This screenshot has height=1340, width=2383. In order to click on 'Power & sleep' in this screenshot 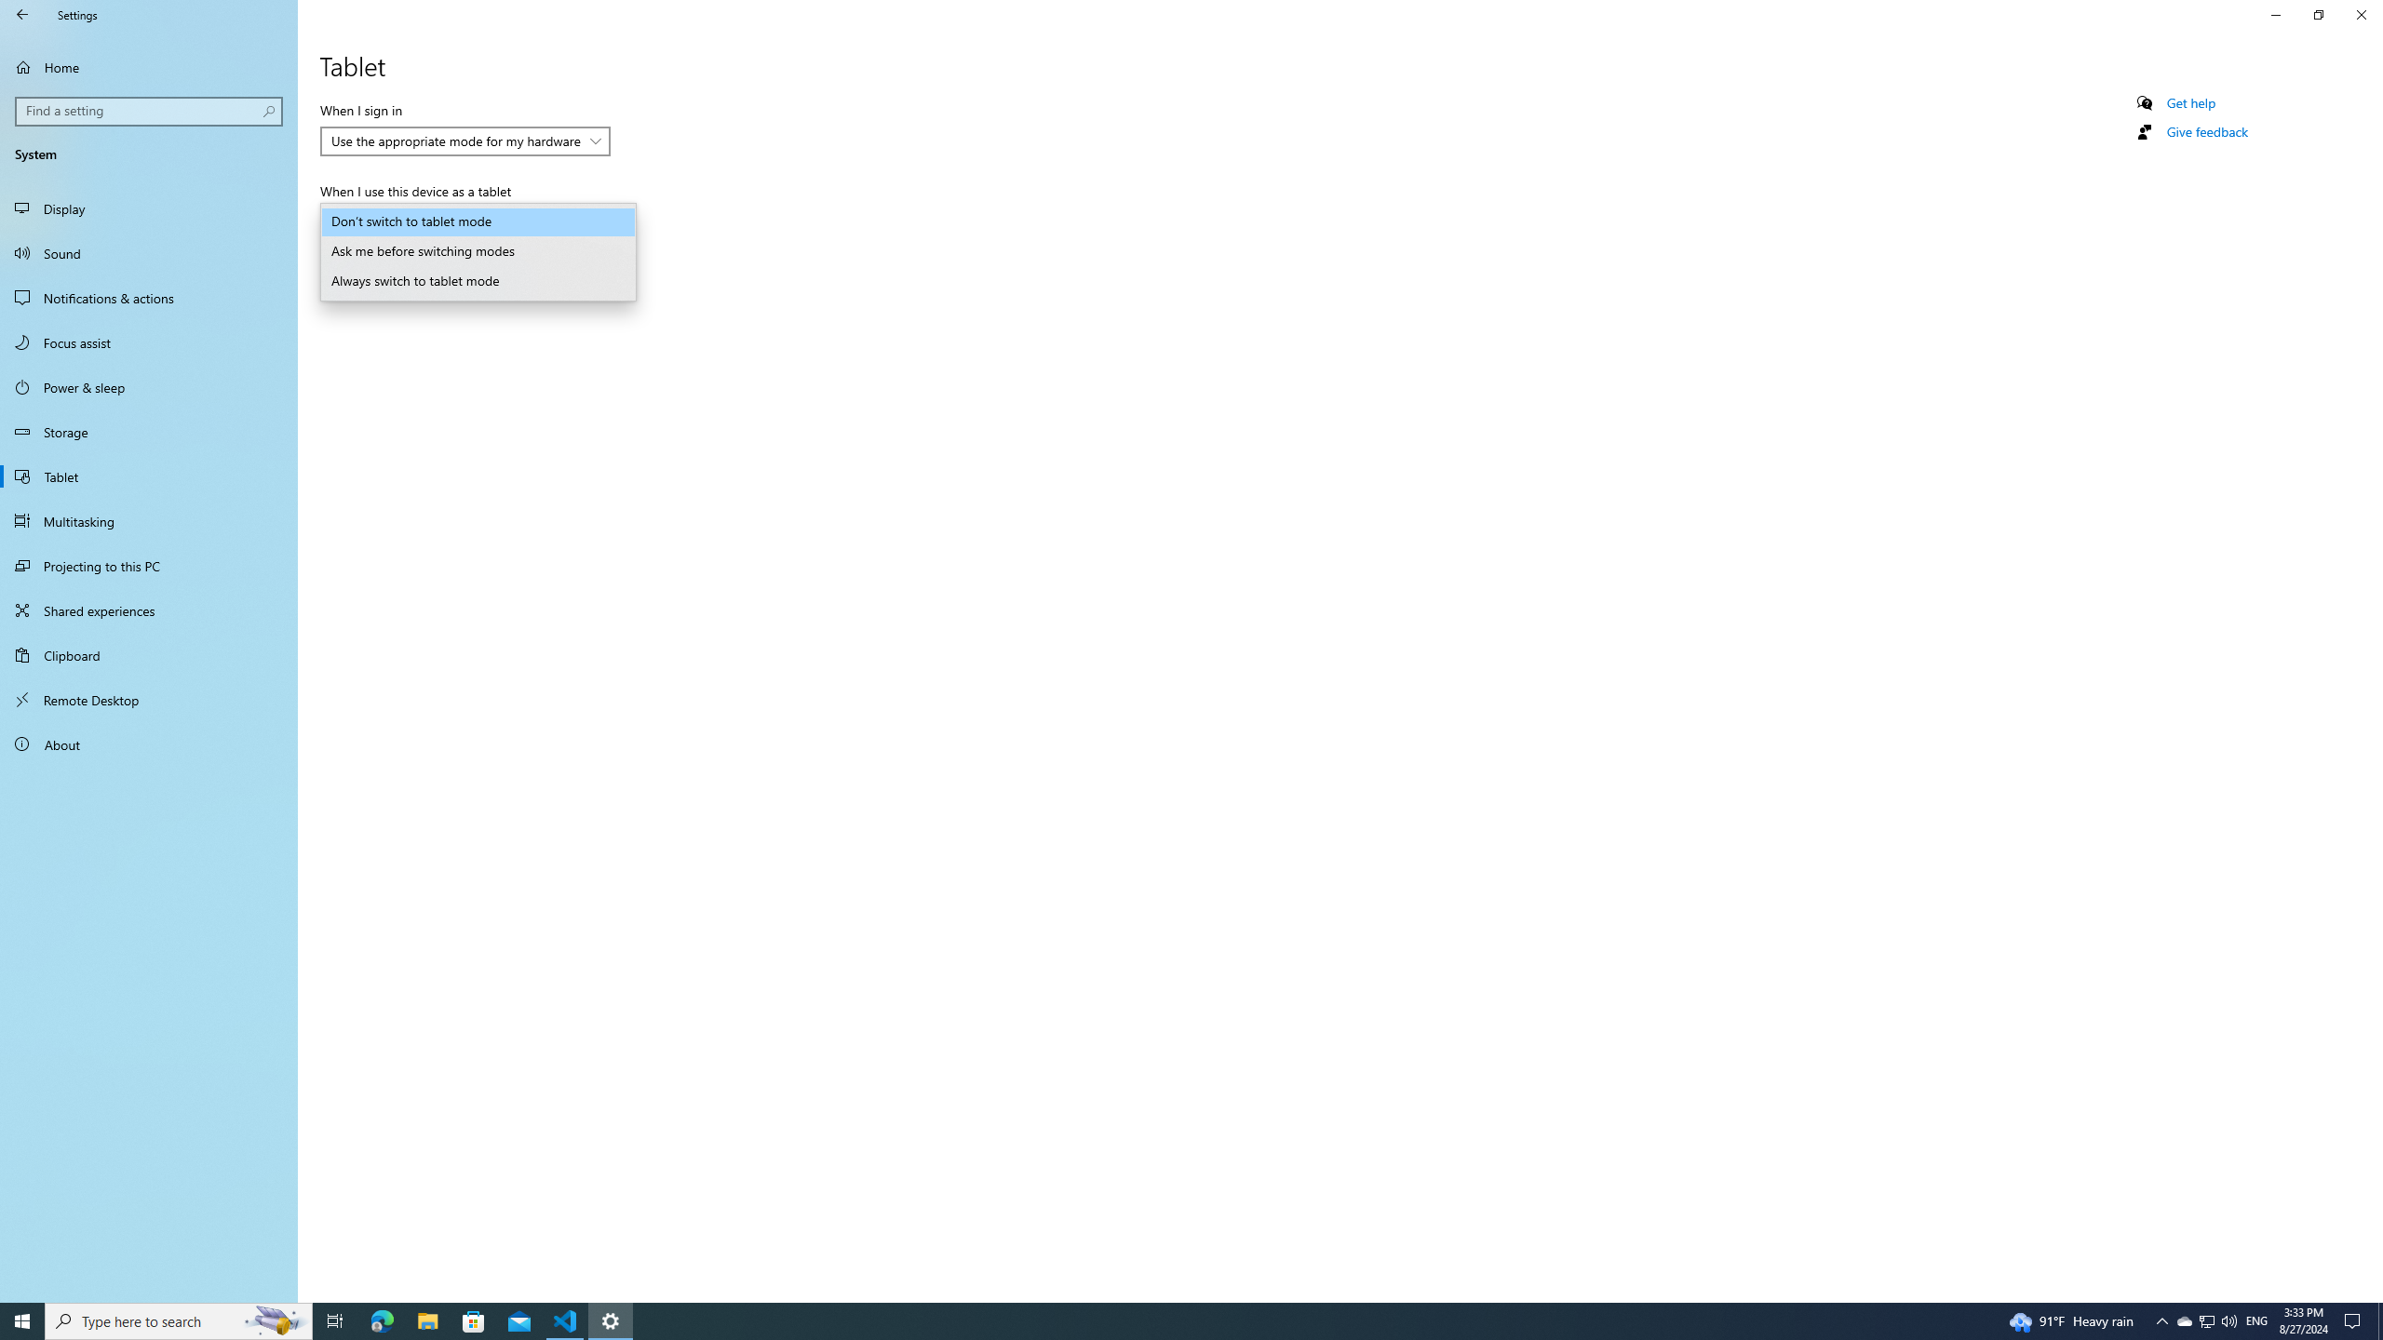, I will do `click(148, 386)`.